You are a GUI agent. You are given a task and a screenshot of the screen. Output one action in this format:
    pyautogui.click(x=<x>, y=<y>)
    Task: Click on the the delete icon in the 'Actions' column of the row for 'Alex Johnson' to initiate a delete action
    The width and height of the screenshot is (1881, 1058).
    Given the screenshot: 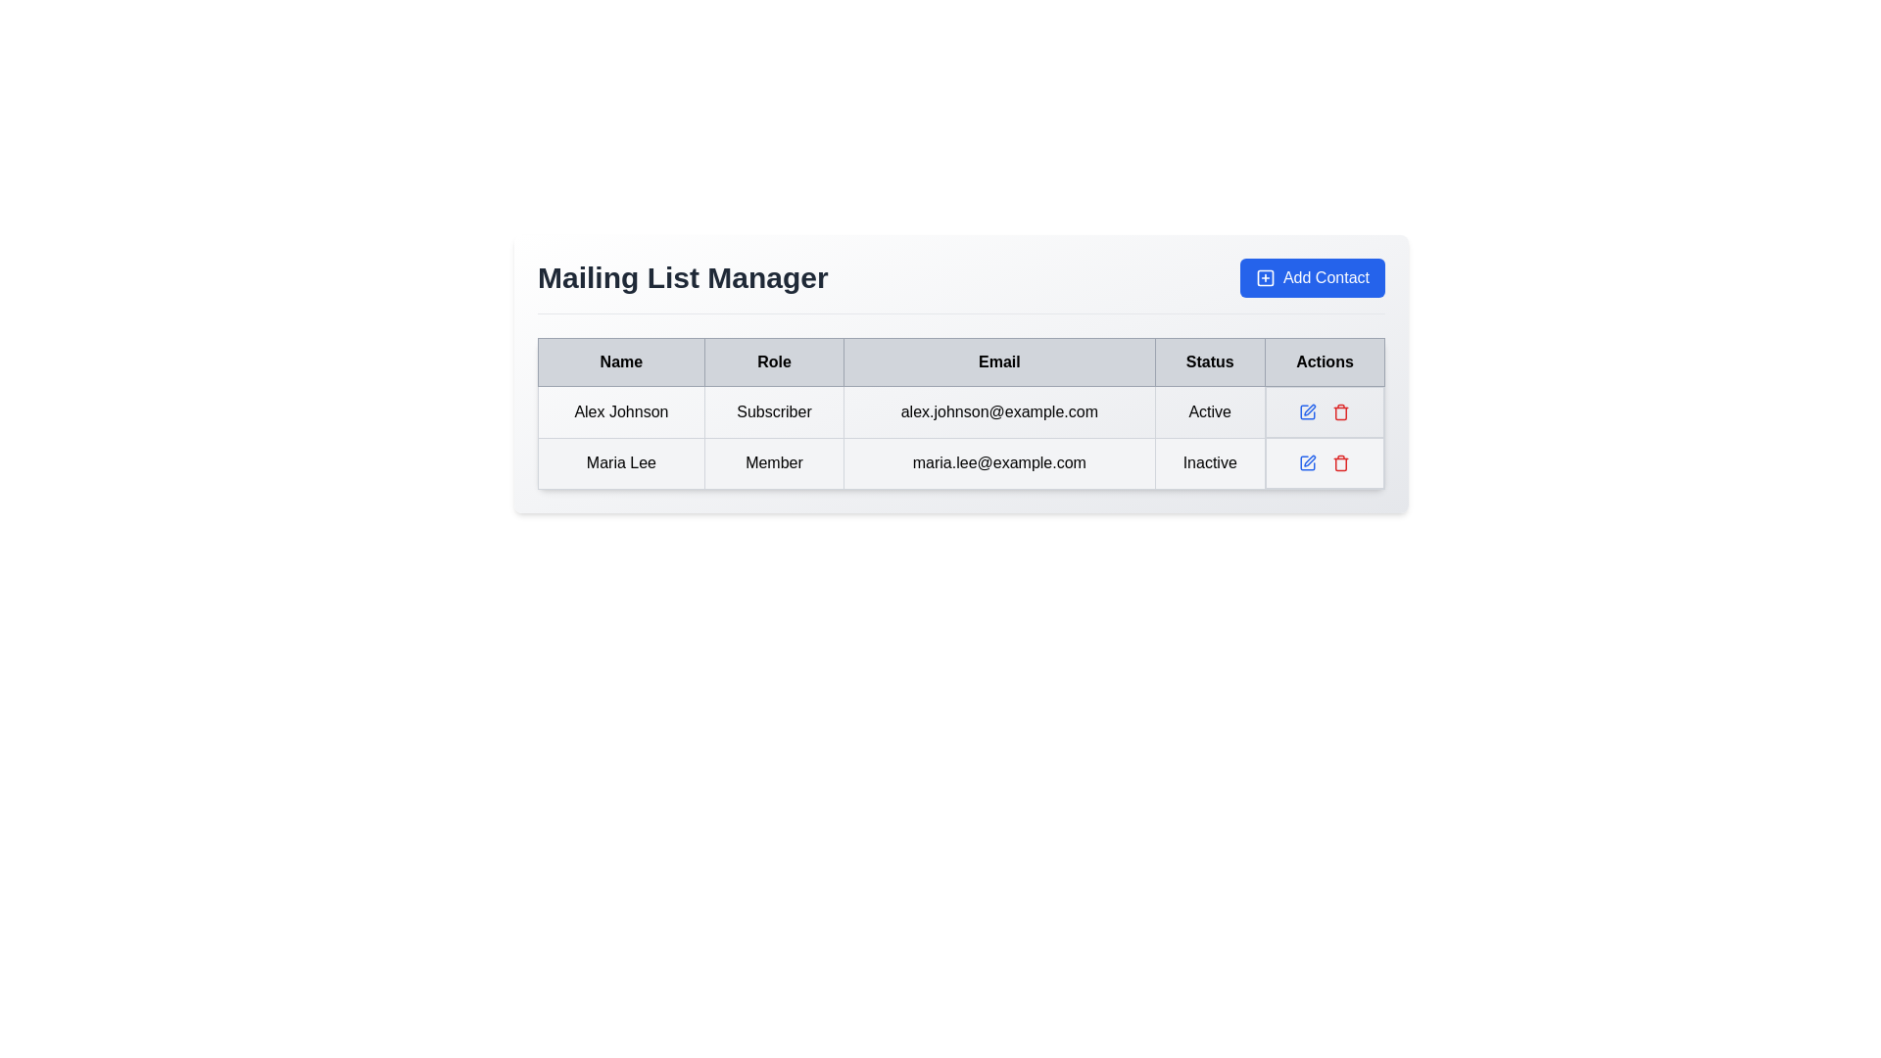 What is the action you would take?
    pyautogui.click(x=1325, y=410)
    